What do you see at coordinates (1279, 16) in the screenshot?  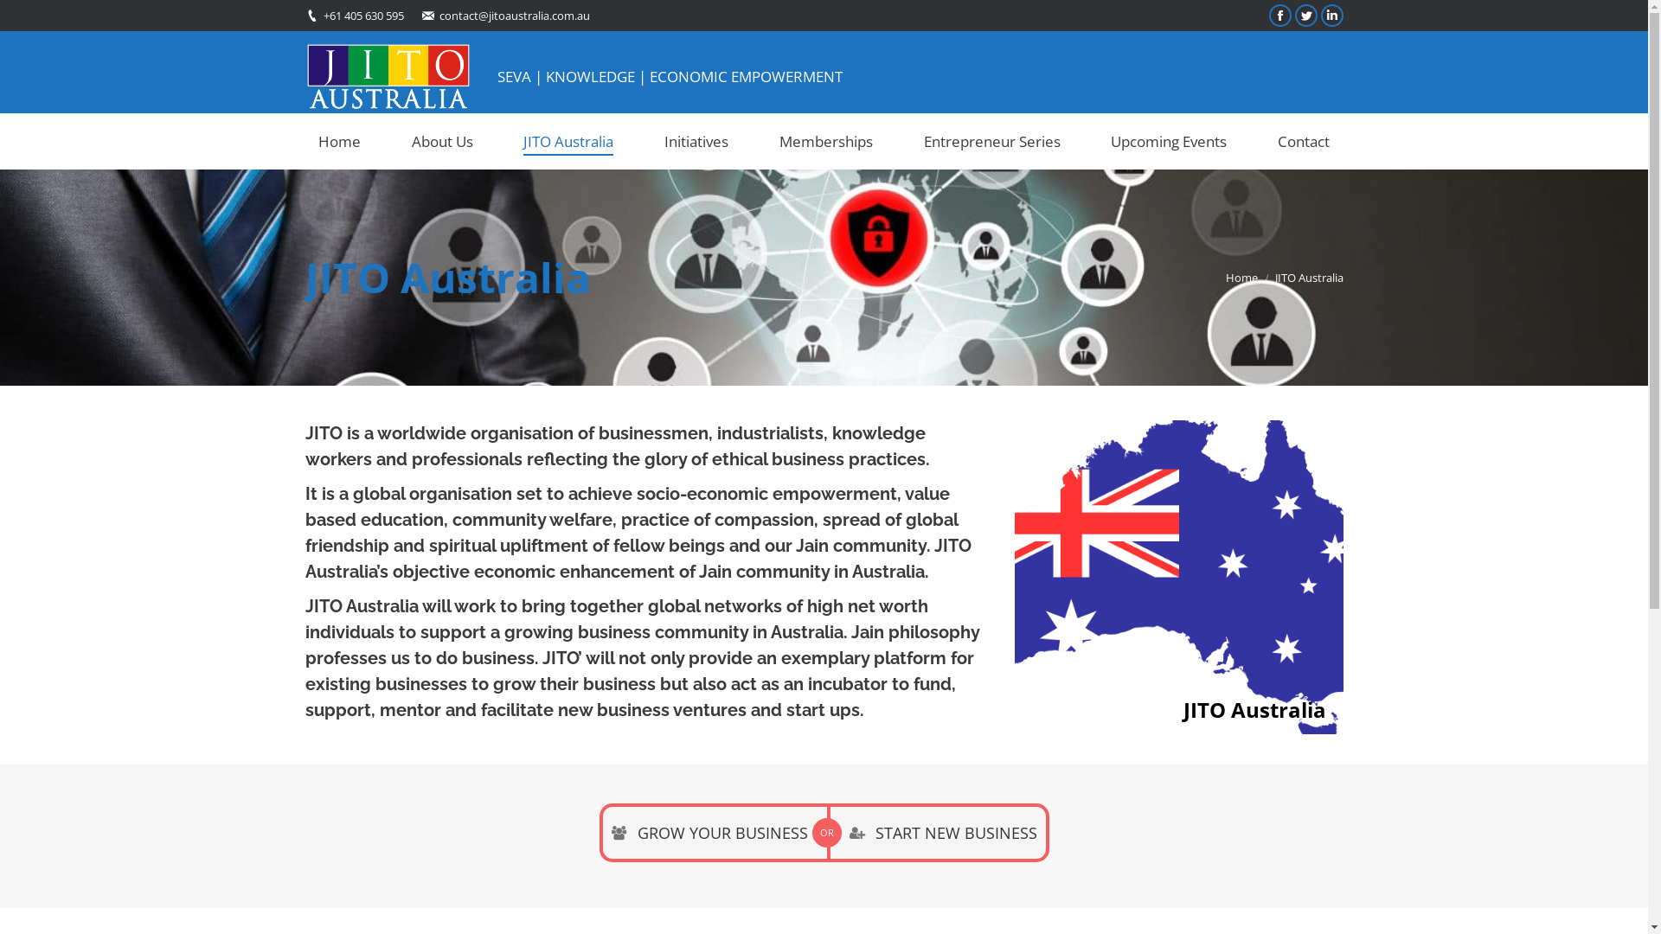 I see `'Facebook'` at bounding box center [1279, 16].